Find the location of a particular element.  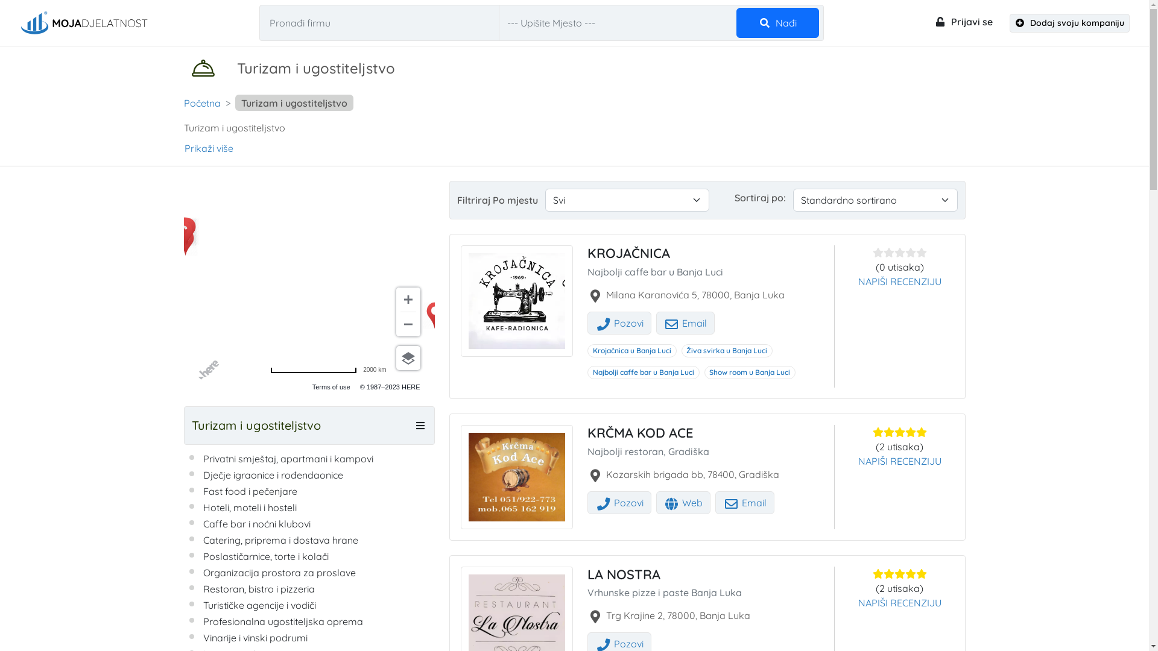

'Web' is located at coordinates (683, 502).